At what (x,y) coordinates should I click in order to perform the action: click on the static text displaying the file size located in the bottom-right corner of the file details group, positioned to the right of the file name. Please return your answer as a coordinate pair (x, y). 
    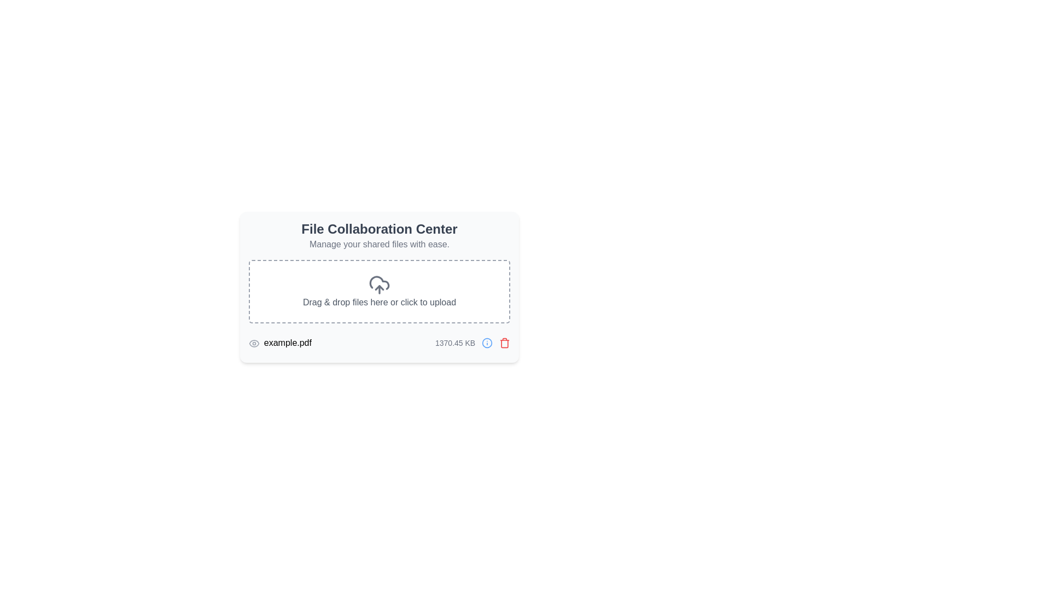
    Looking at the image, I should click on (455, 343).